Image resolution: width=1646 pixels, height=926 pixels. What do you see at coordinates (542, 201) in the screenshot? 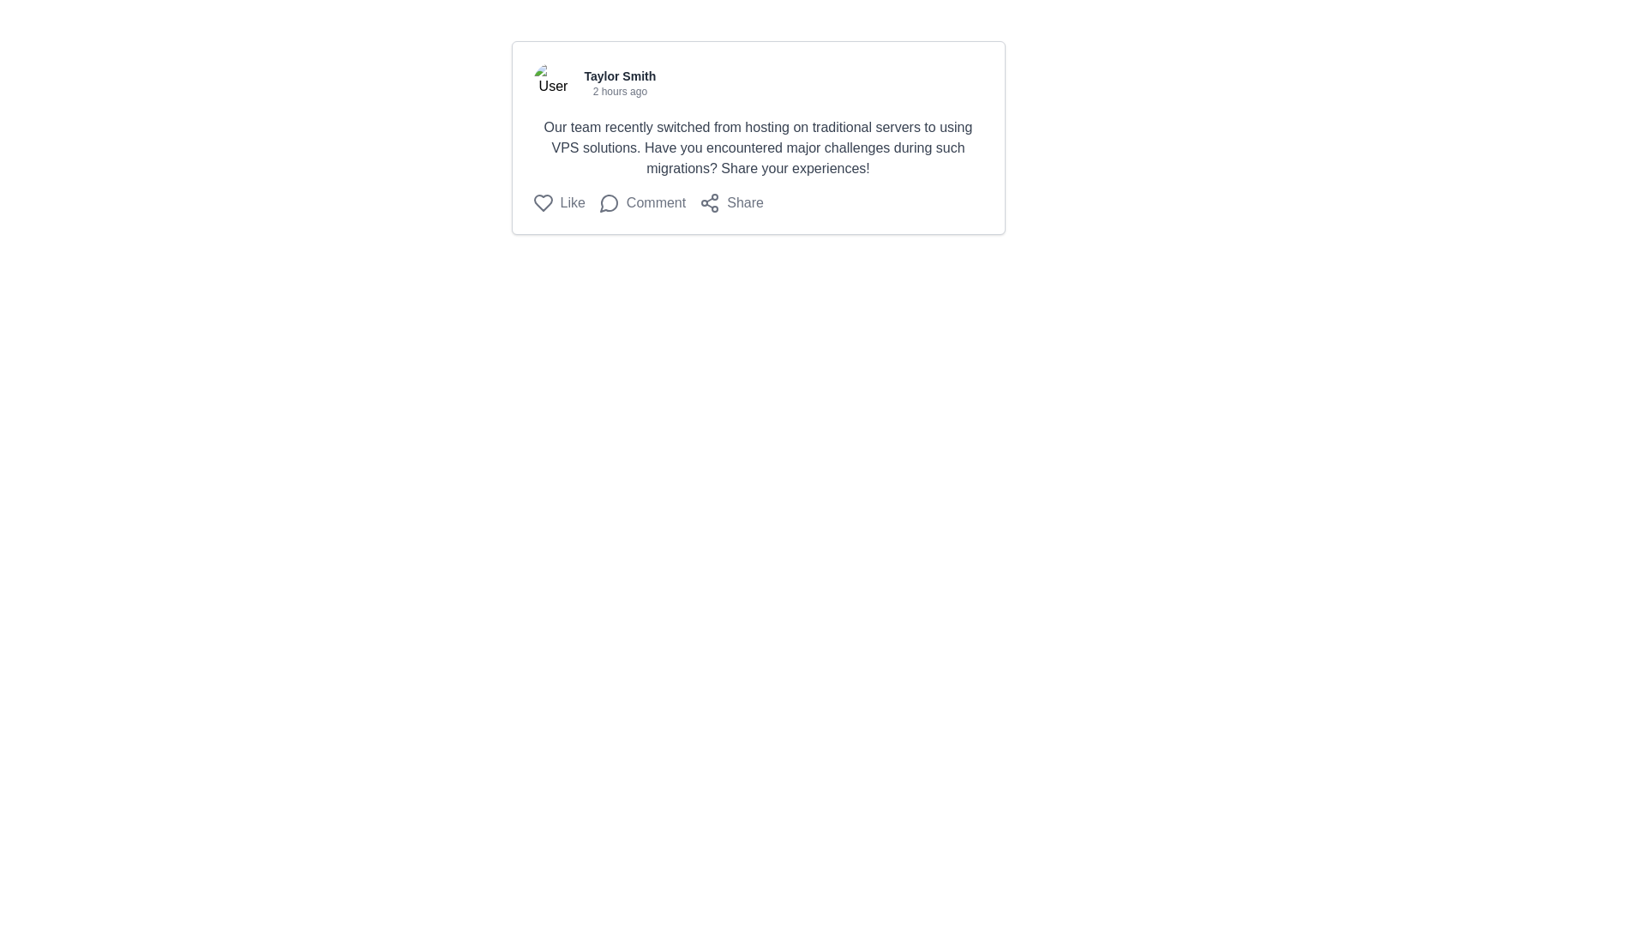
I see `the 'like' icon that represents appreciation or approval for the associated content, which is centrally aligned in a horizontal row under the post, to the left of the text 'Like'` at bounding box center [542, 201].